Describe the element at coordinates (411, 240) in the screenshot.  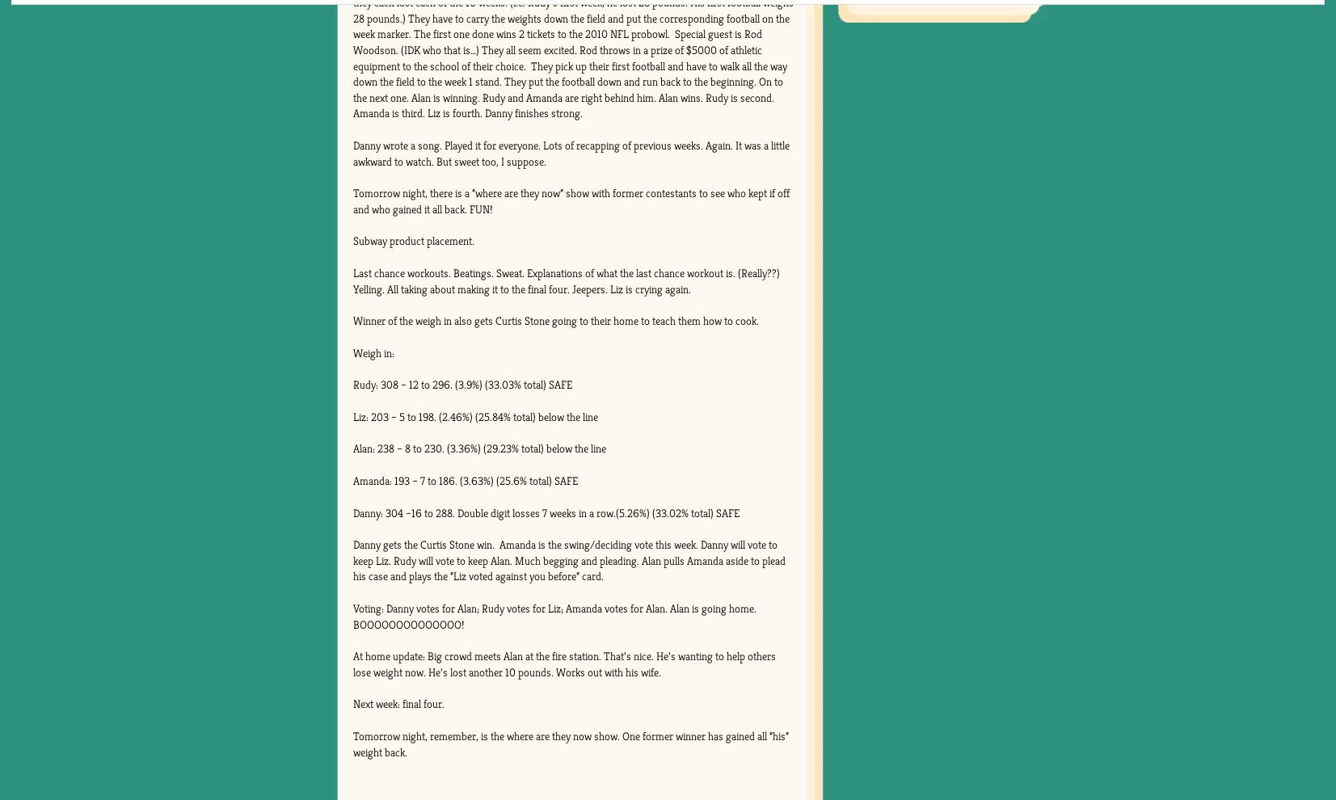
I see `'Subway product placement.'` at that location.